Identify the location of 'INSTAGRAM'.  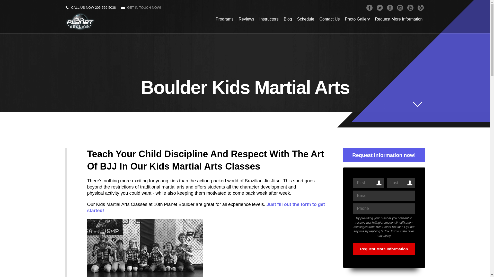
(400, 8).